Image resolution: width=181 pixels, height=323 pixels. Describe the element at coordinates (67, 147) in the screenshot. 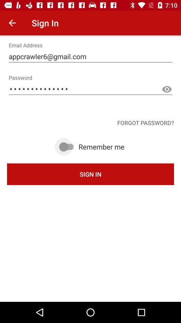

I see `remember me toggle switch` at that location.